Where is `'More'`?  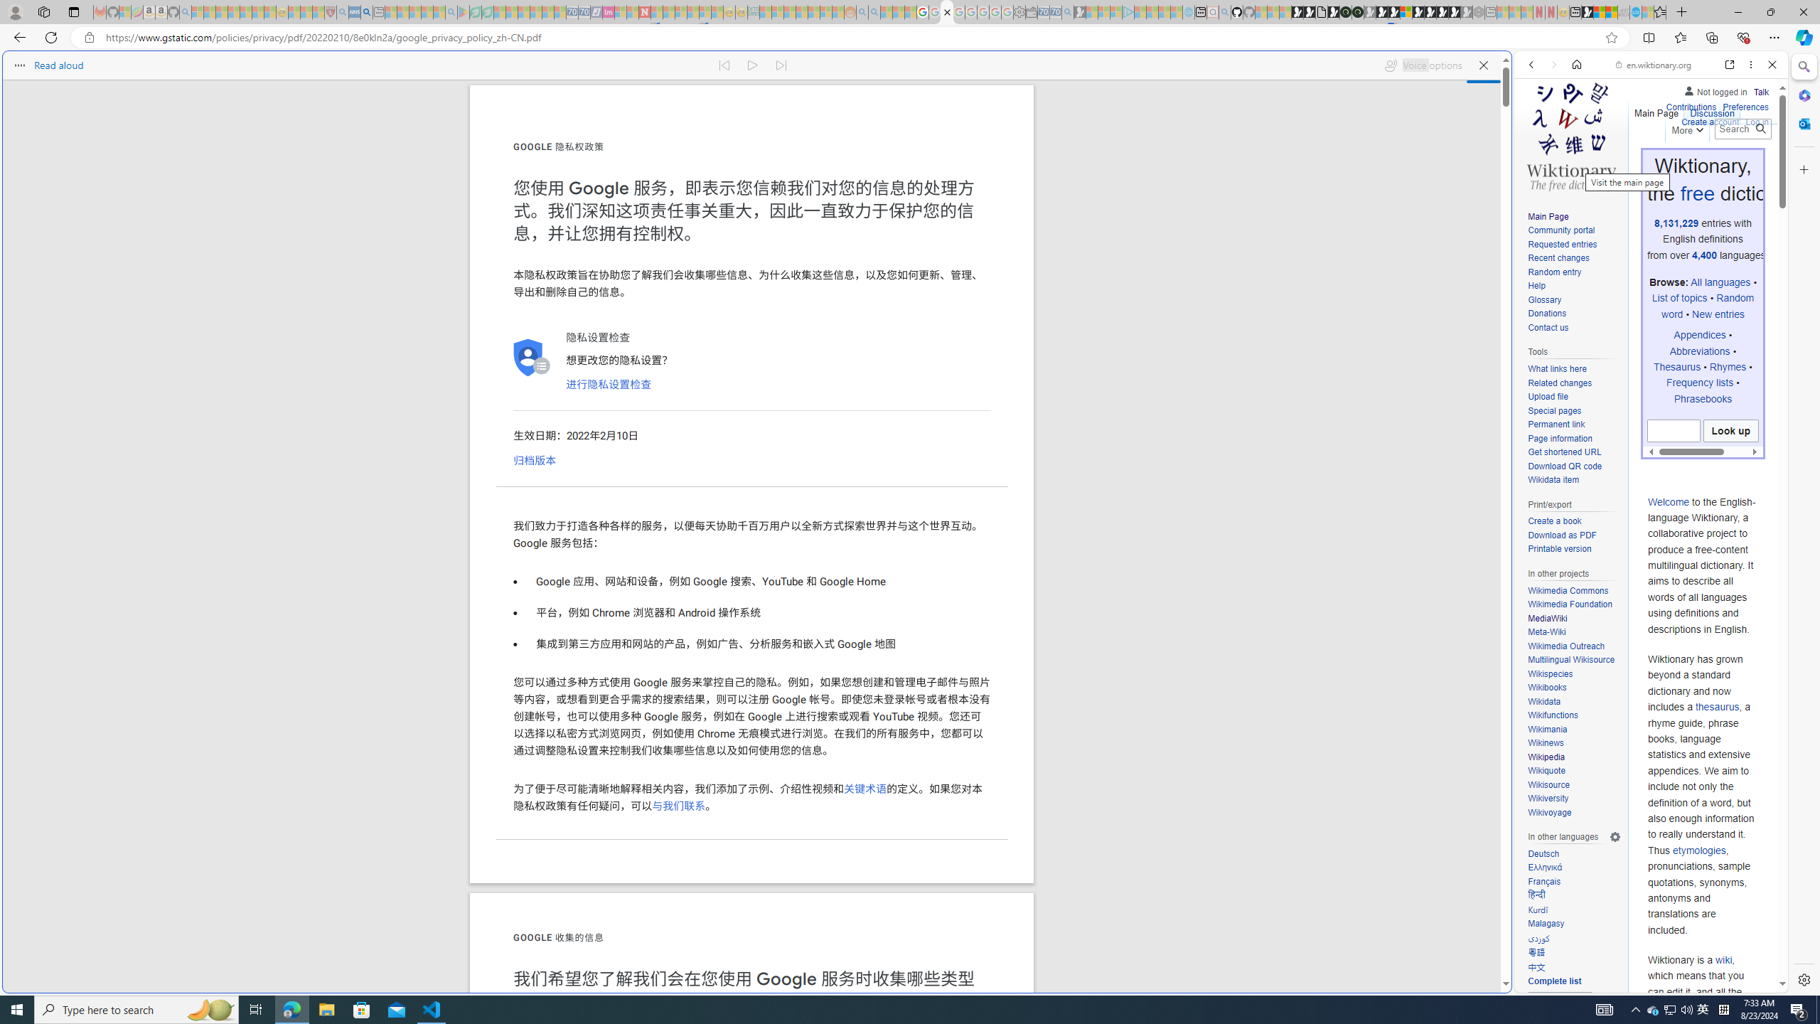
'More' is located at coordinates (1686, 127).